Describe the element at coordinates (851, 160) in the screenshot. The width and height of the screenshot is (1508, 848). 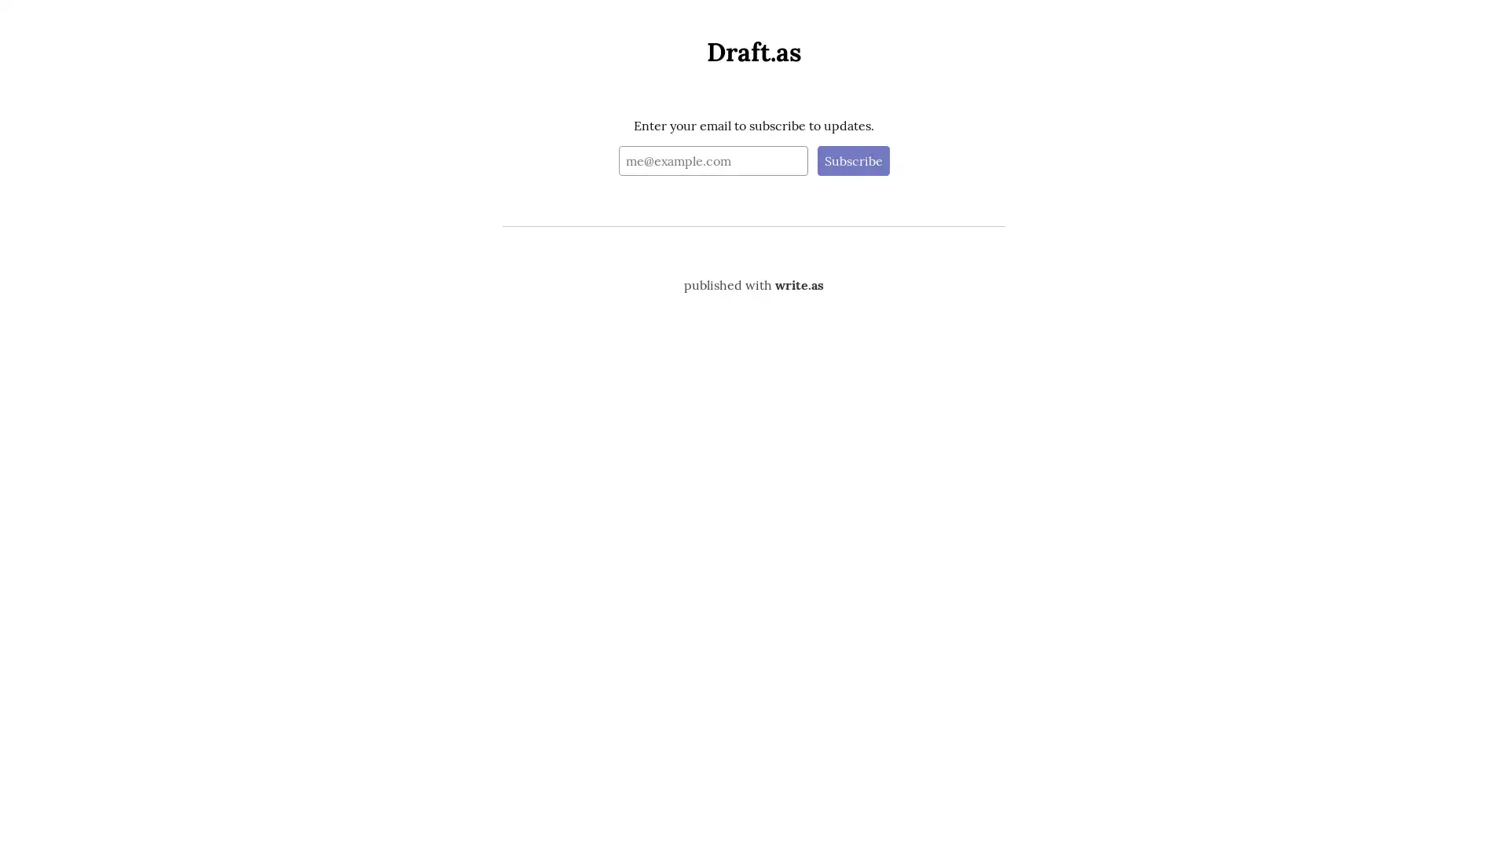
I see `Subscribe` at that location.